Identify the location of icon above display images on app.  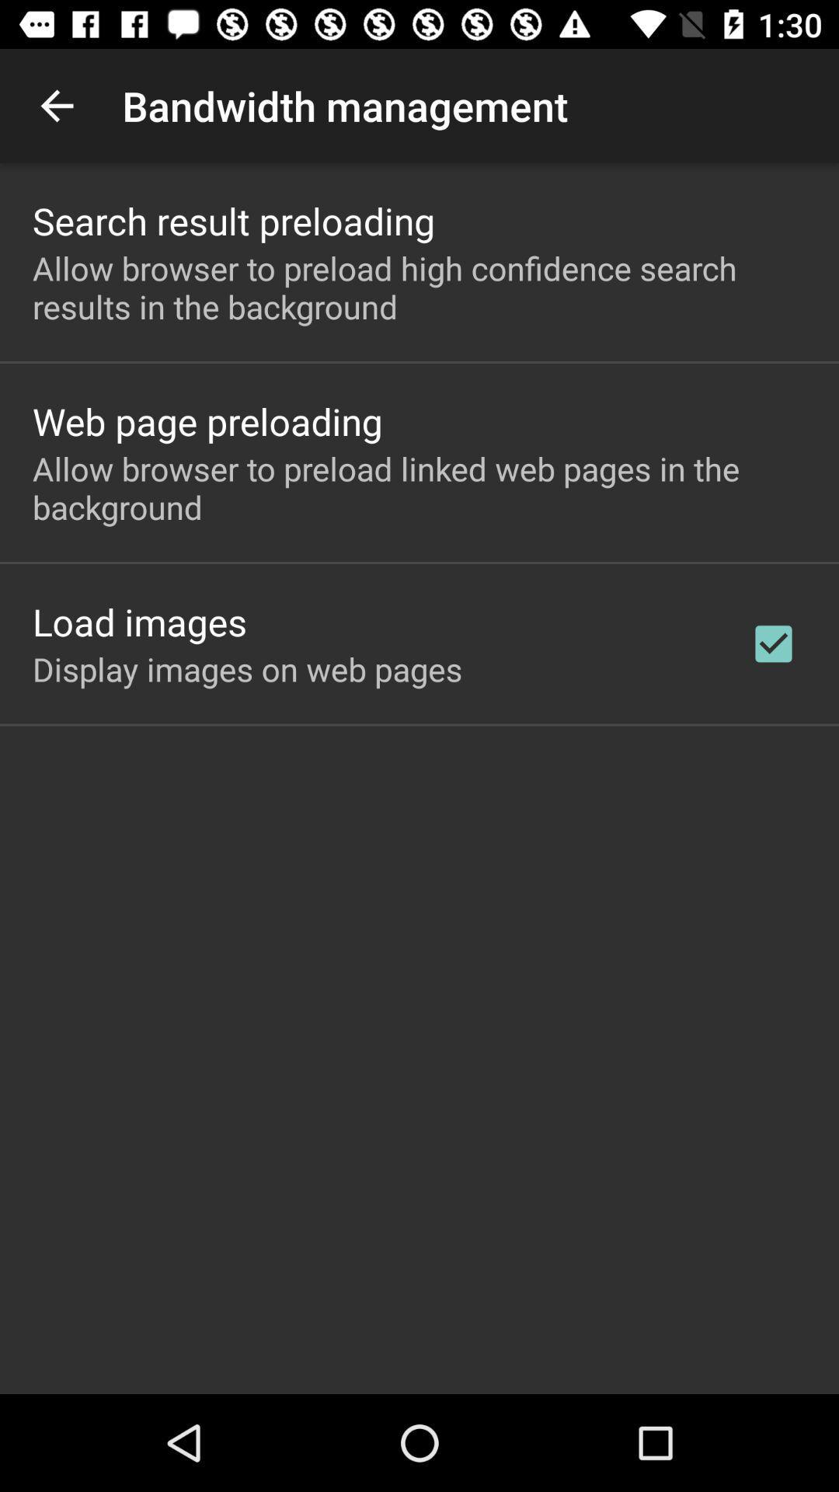
(140, 622).